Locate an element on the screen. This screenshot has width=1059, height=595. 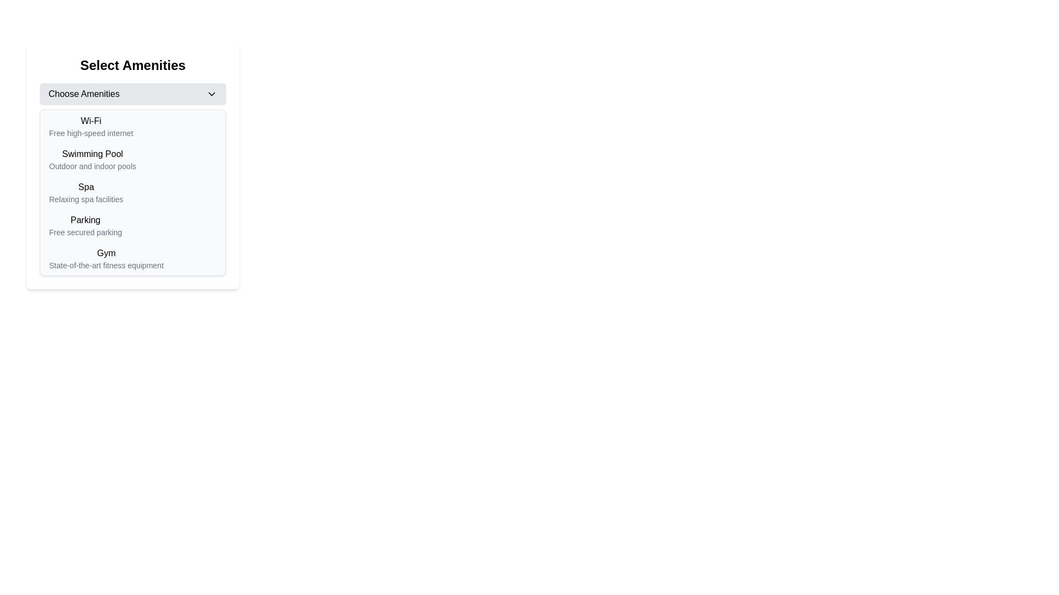
the first item in the amenity selection list that provides information about the Wi-Fi service offered is located at coordinates (132, 126).